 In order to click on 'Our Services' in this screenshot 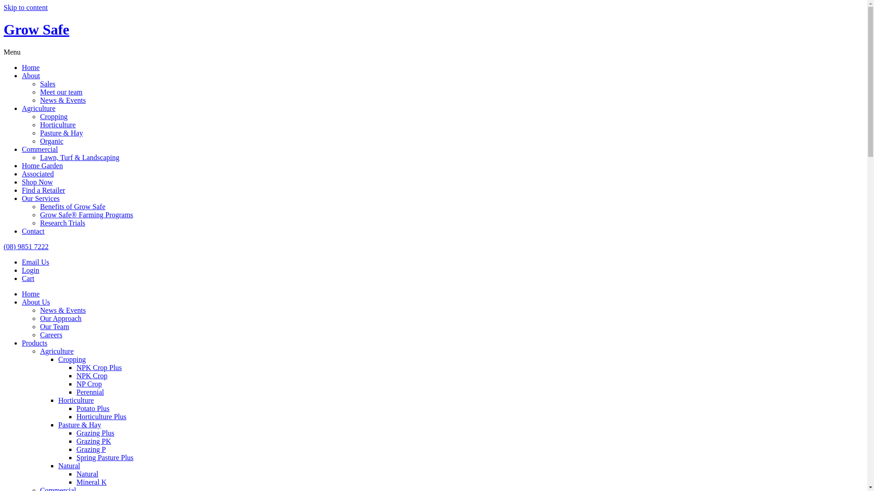, I will do `click(40, 198)`.